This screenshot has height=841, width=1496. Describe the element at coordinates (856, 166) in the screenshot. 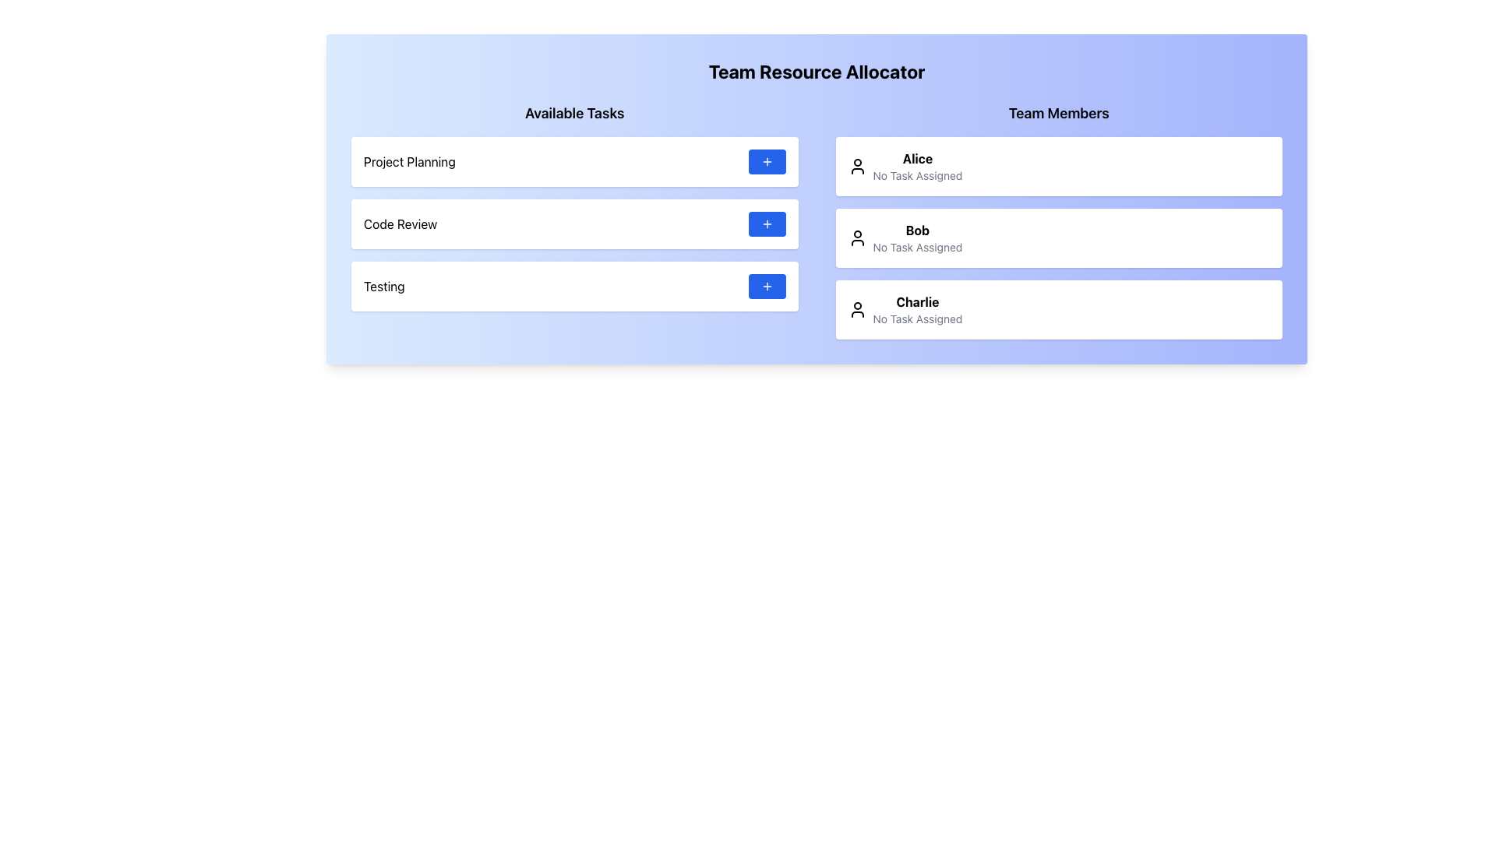

I see `the user avatar icon representing Alice in the 'Team Members' section, which is located at the top-left corner of her details including 'No Task Assigned'` at that location.